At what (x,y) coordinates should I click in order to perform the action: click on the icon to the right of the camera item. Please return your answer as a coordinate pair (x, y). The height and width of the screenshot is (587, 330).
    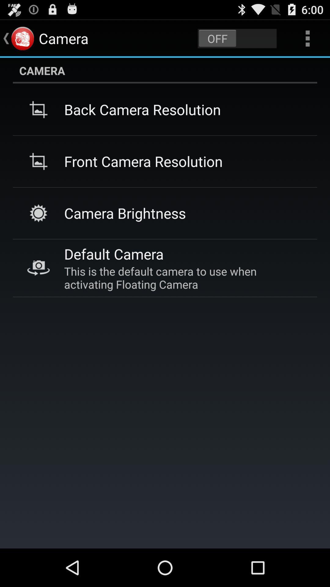
    Looking at the image, I should click on (237, 38).